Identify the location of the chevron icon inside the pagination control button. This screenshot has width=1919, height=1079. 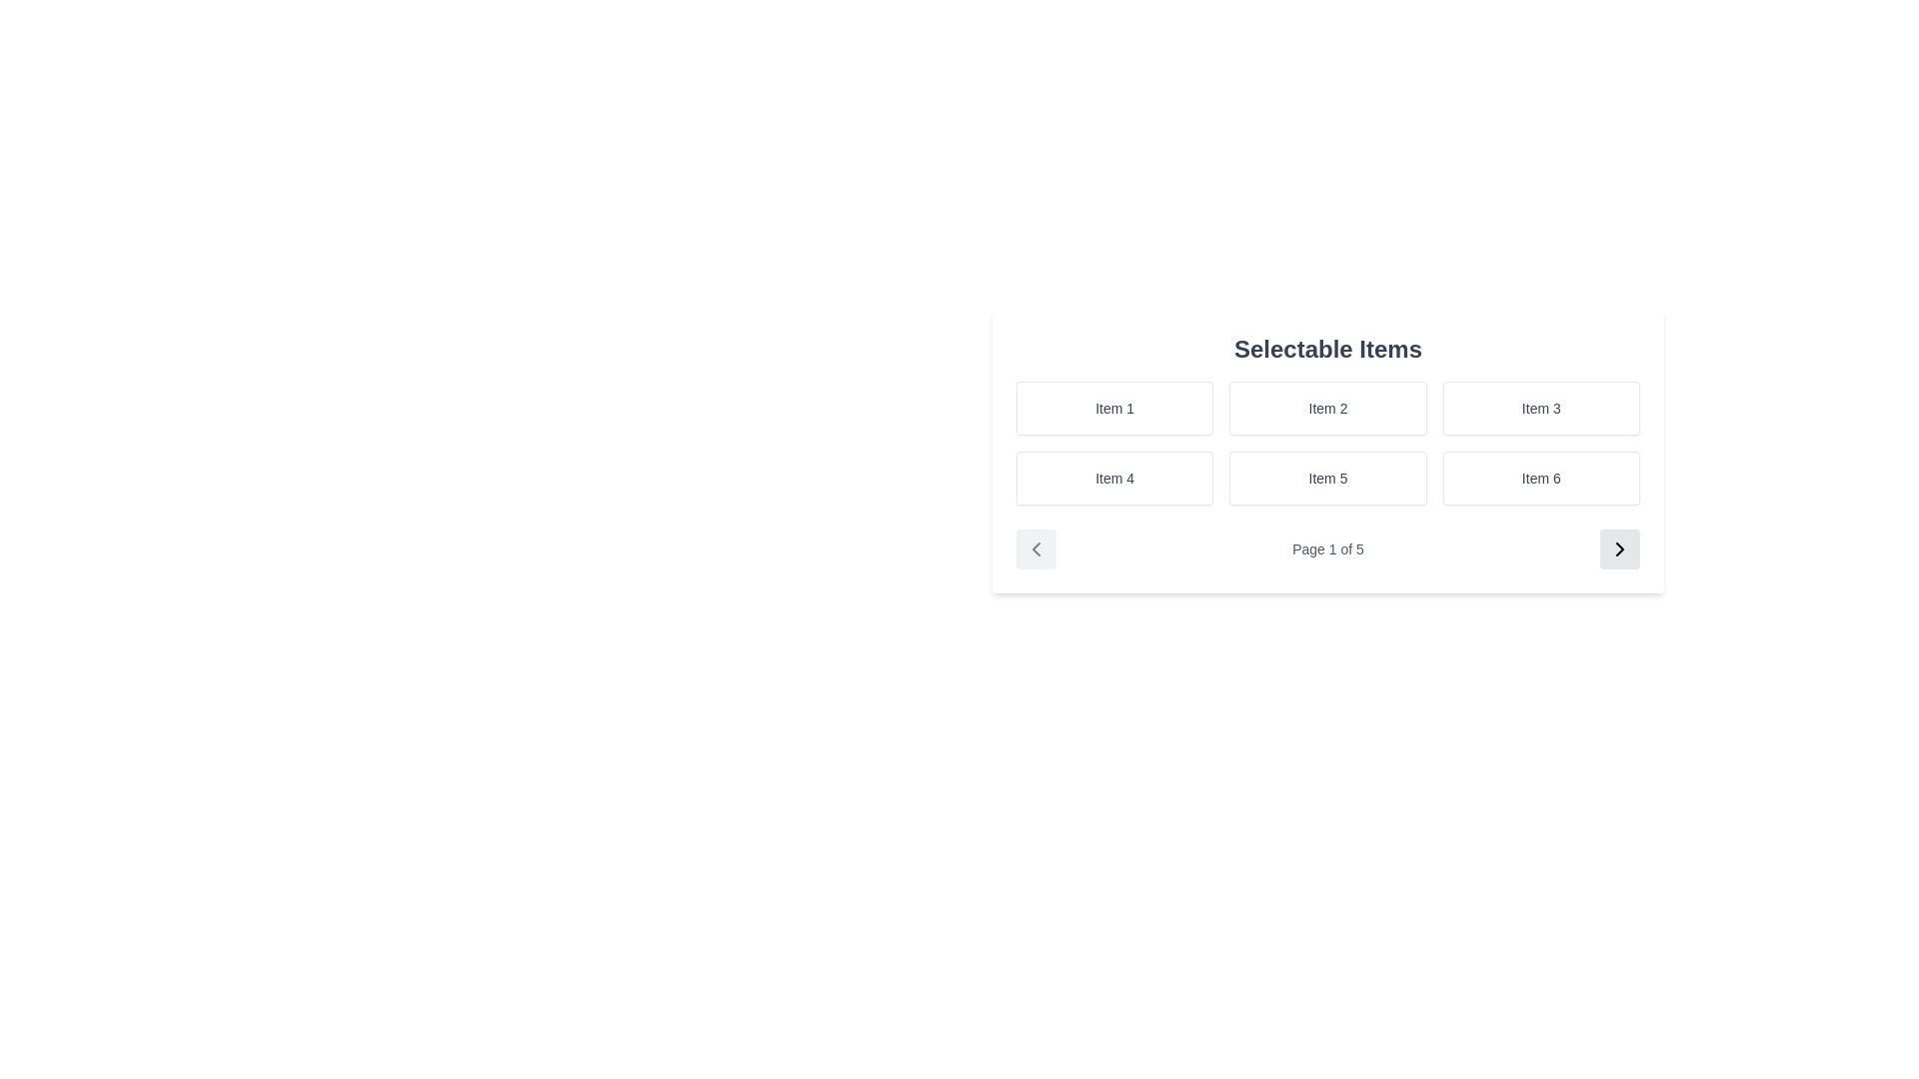
(1035, 549).